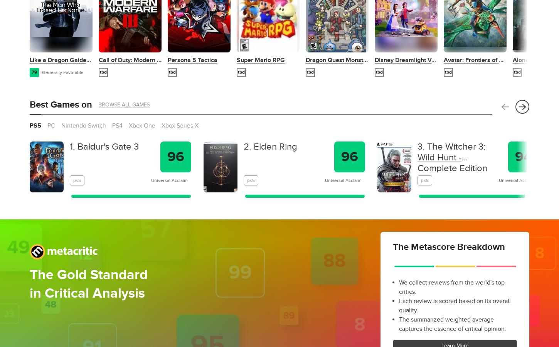 The height and width of the screenshot is (347, 559). I want to click on 'Call of Duty: Modern Warfare III', so click(141, 60).